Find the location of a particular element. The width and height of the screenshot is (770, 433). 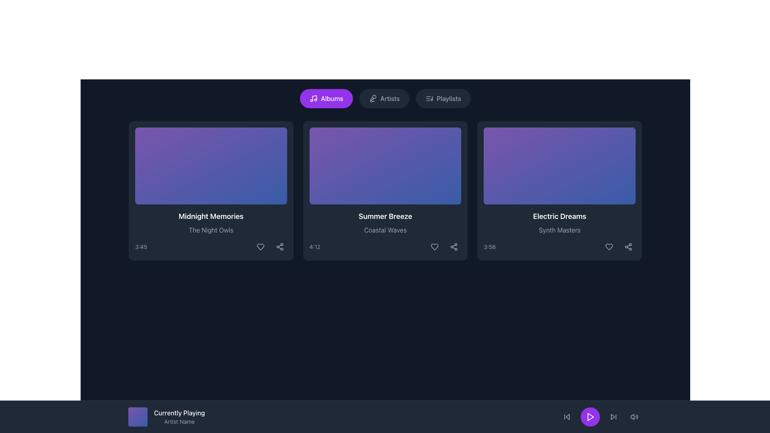

the musical note icon located within the purple 'Albums' button at the header menu is located at coordinates (313, 98).